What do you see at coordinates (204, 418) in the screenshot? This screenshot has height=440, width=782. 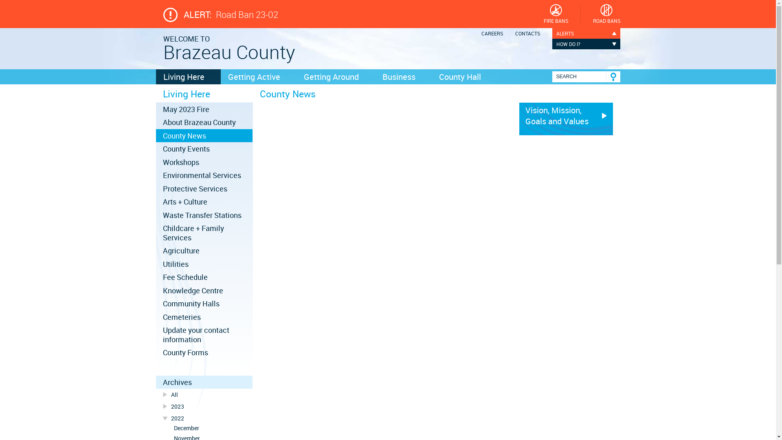 I see `'2022'` at bounding box center [204, 418].